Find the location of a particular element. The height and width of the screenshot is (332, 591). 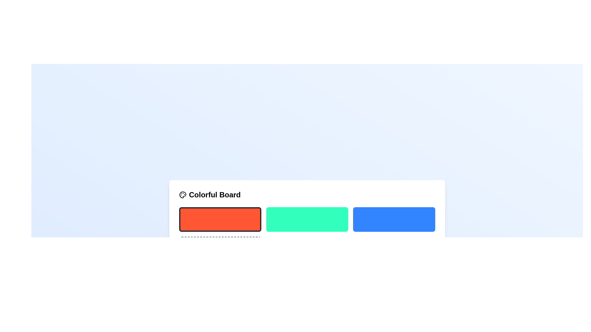

the decorative icon located to the left of the 'Colorful Board' text in the header section is located at coordinates (183, 195).